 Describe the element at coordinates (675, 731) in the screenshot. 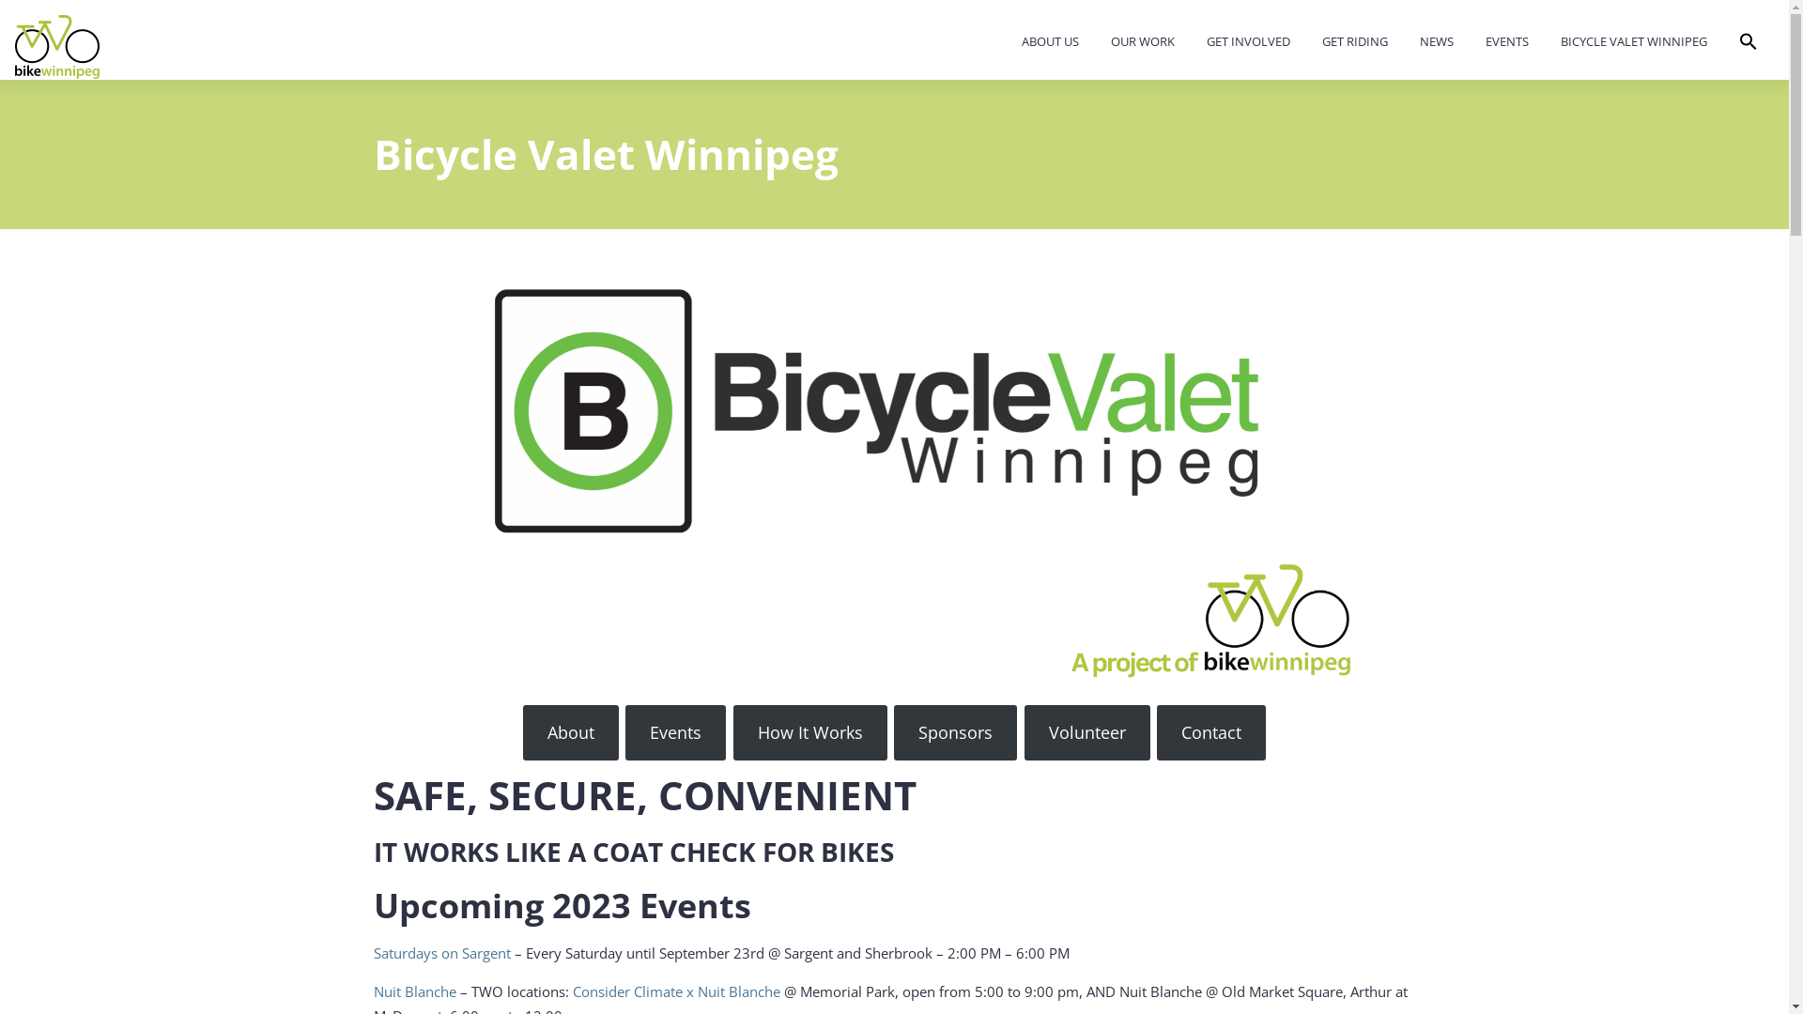

I see `'Events'` at that location.